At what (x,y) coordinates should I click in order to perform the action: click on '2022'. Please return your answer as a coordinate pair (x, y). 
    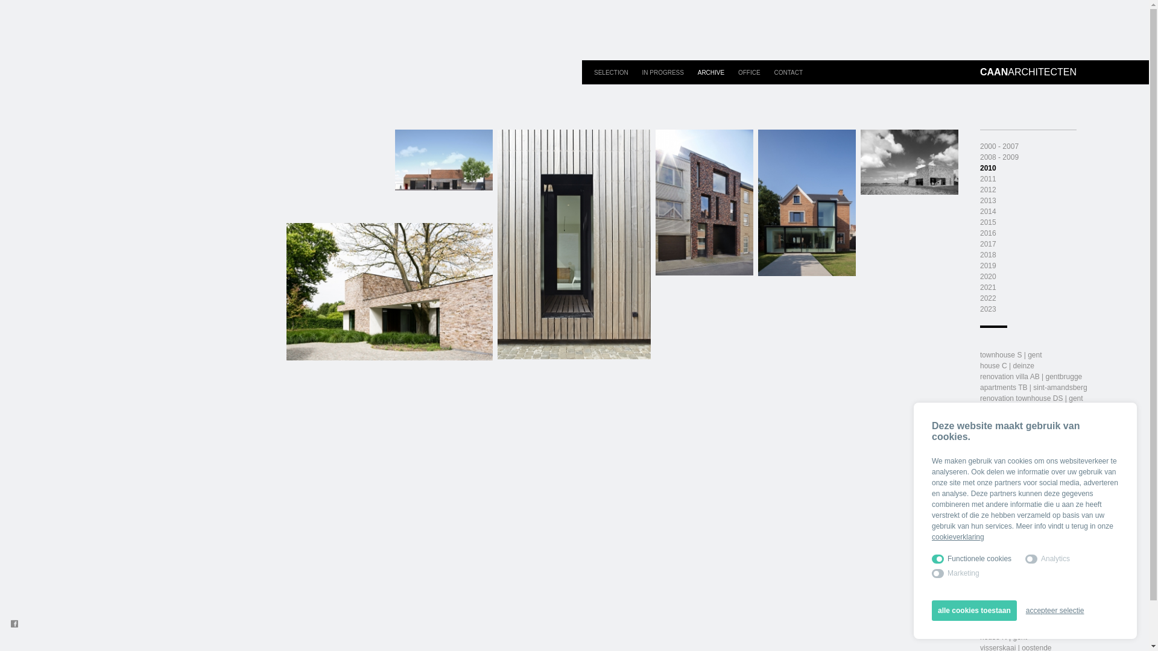
    Looking at the image, I should click on (988, 298).